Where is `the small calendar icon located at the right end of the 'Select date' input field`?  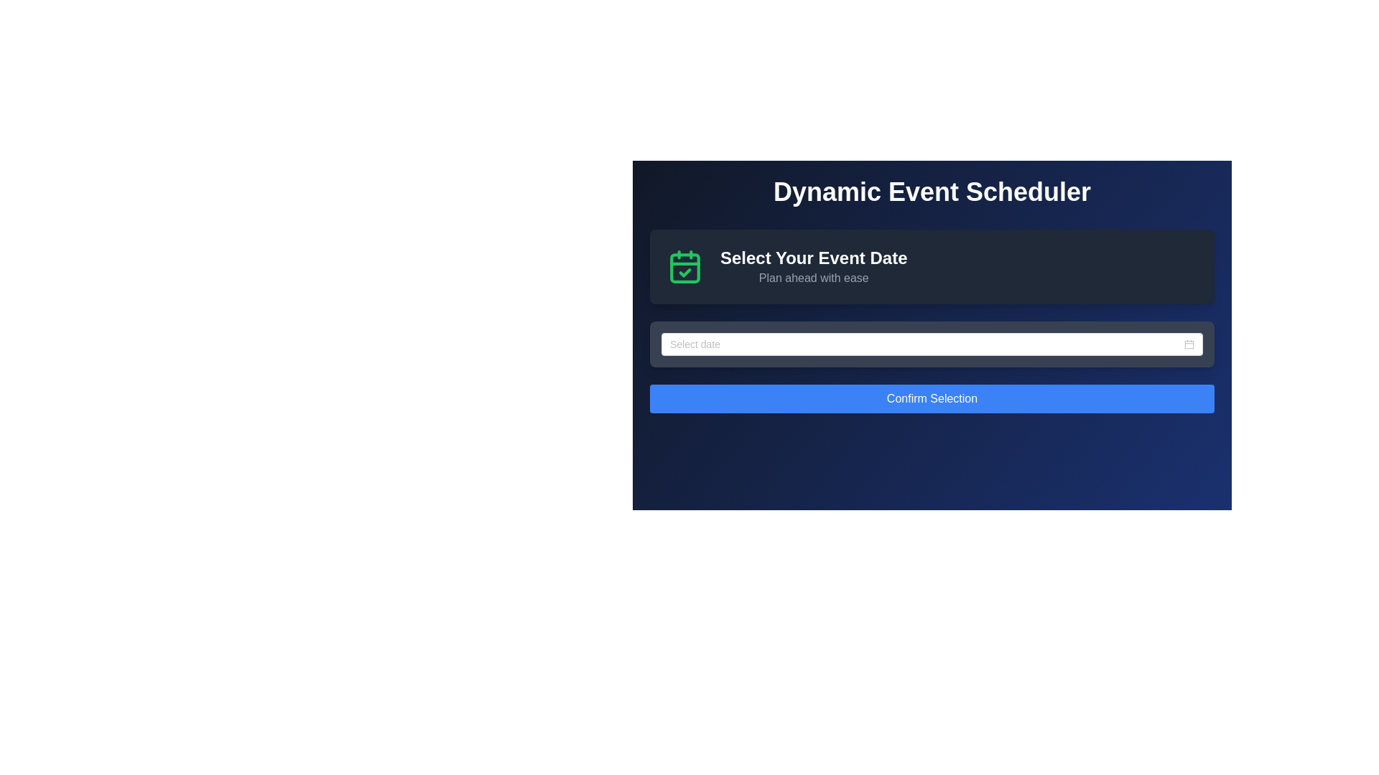
the small calendar icon located at the right end of the 'Select date' input field is located at coordinates (1189, 344).